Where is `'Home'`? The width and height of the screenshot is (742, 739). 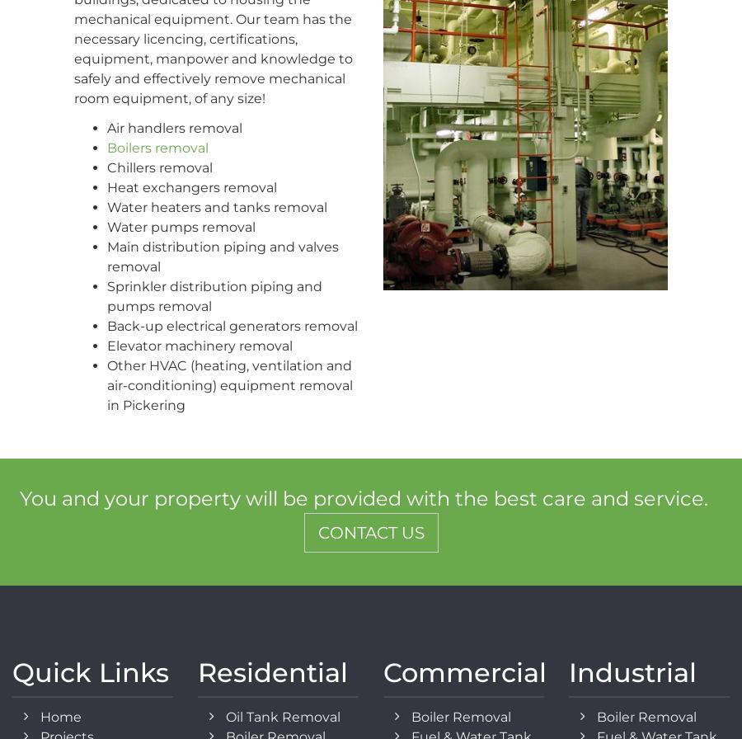 'Home' is located at coordinates (59, 716).